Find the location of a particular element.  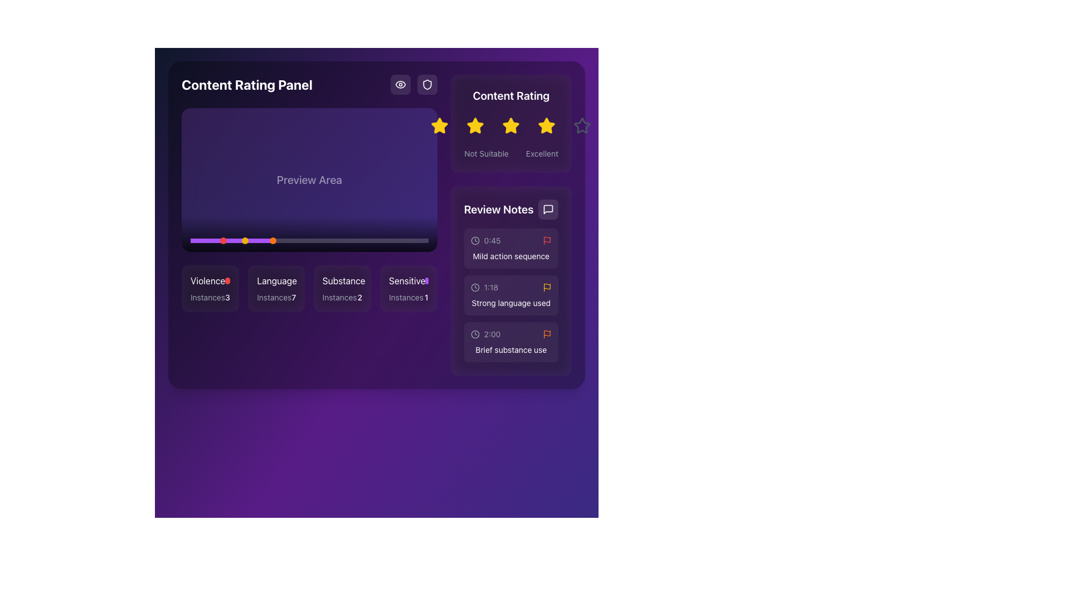

the yellow star icon, which is the second star in the 'Content Rating' section is located at coordinates (475, 125).